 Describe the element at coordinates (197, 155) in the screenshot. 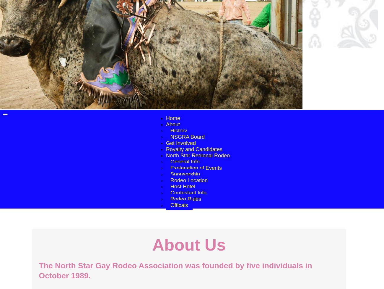

I see `'North Star Regional Rodeo'` at that location.